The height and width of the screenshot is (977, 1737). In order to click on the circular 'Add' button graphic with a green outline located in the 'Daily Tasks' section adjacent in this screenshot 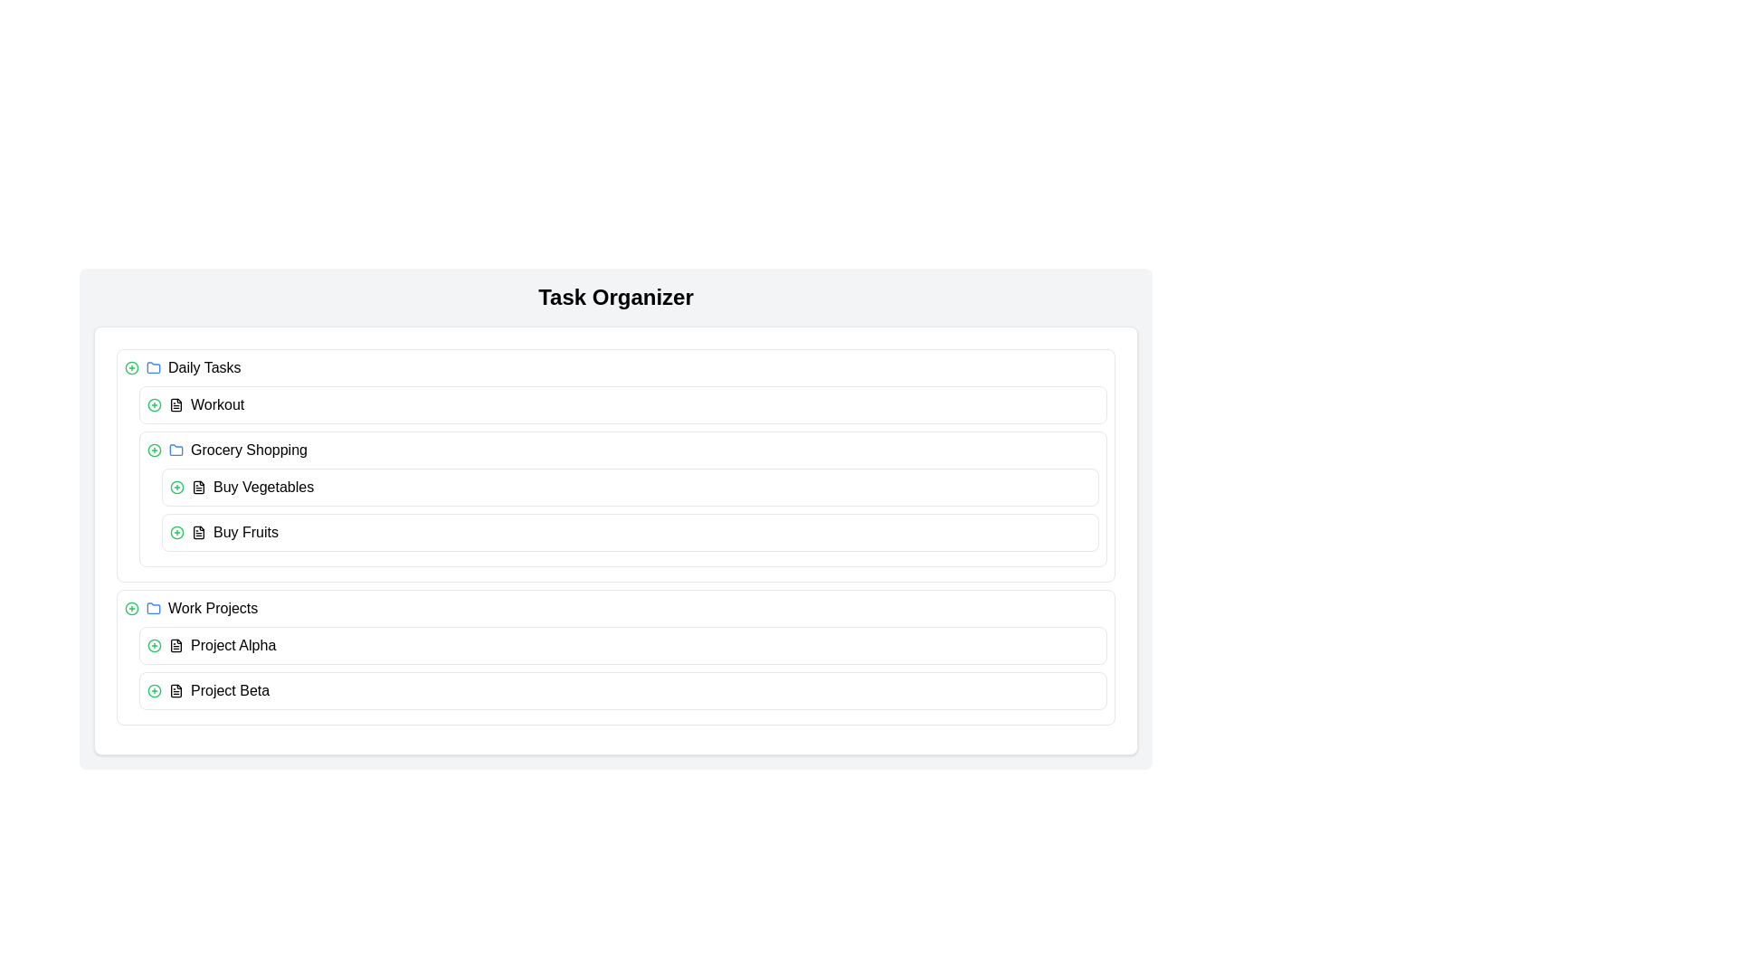, I will do `click(130, 367)`.